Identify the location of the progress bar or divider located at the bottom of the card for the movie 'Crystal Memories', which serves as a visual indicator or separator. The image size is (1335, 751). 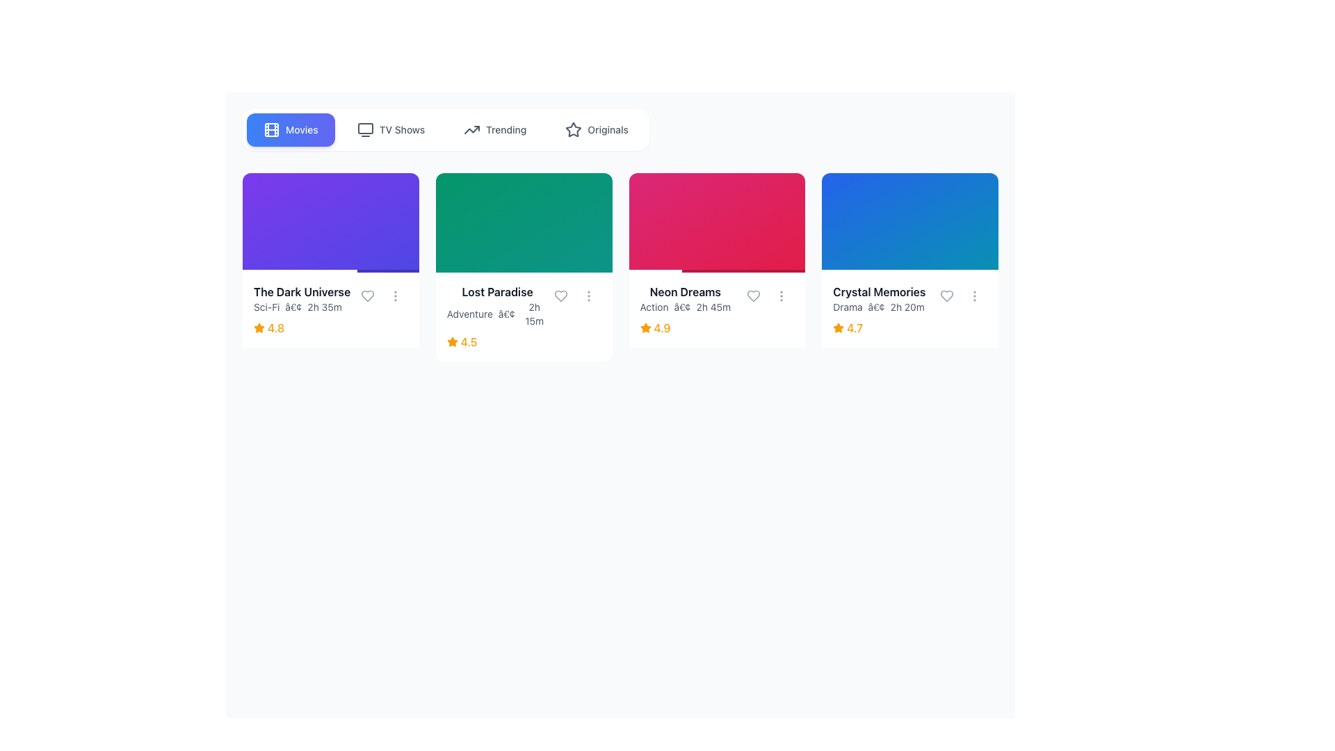
(910, 270).